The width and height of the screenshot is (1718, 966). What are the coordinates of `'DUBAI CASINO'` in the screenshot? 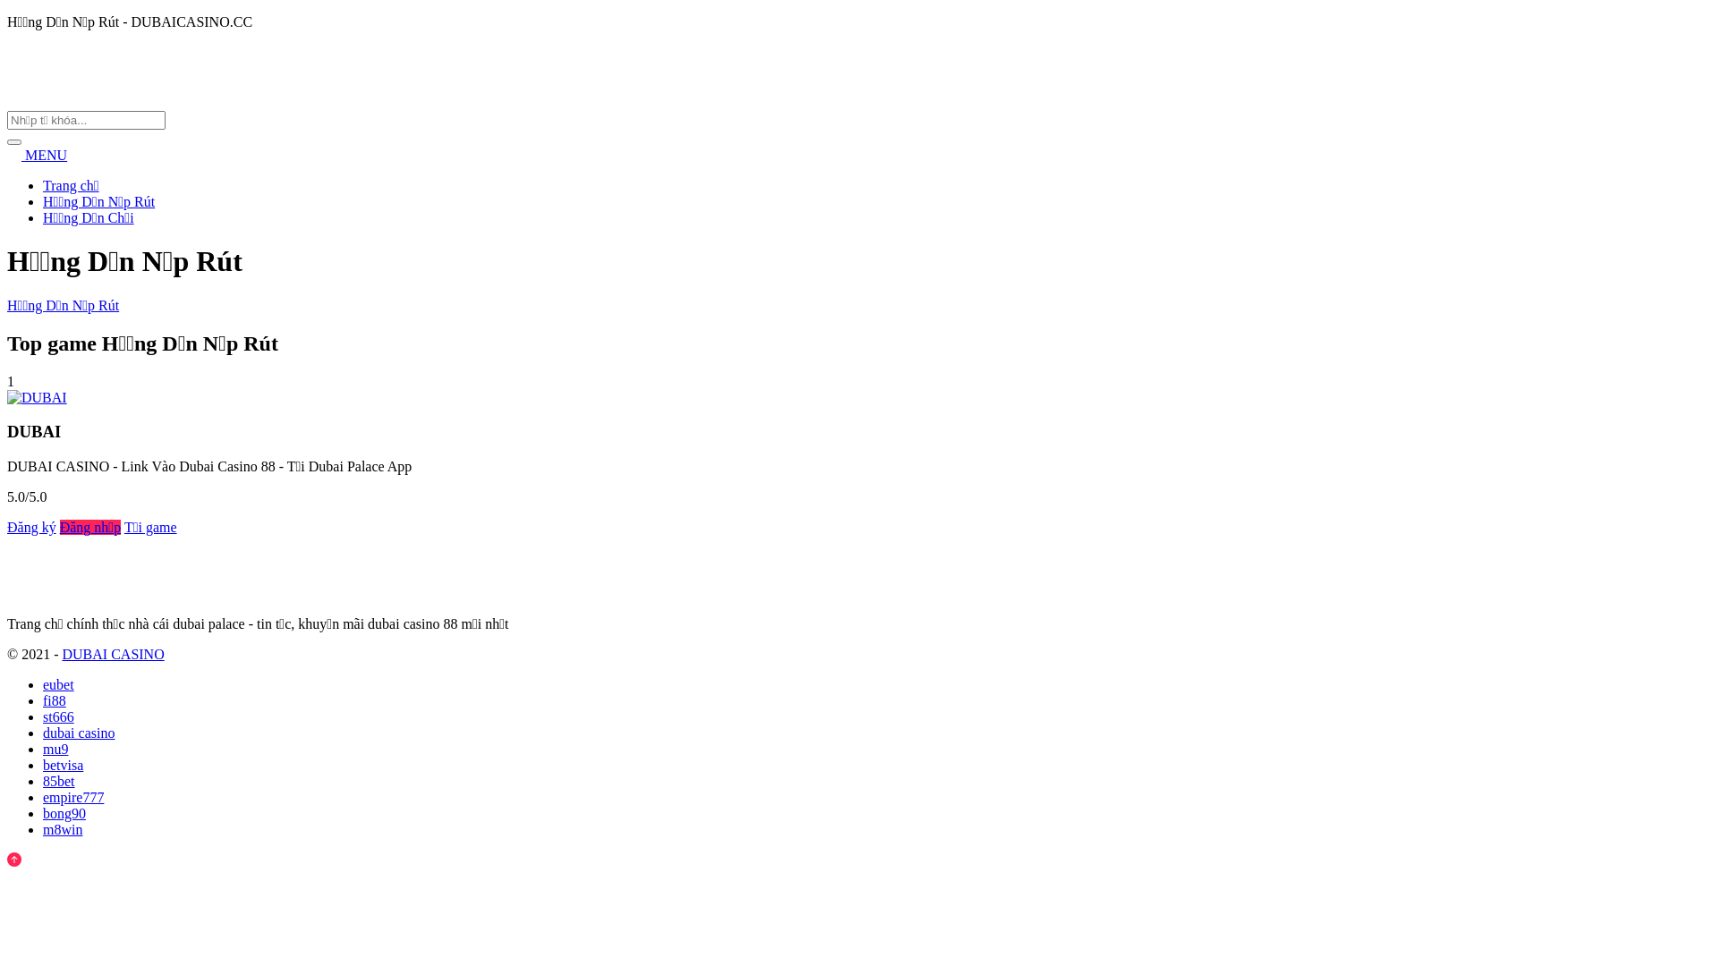 It's located at (111, 654).